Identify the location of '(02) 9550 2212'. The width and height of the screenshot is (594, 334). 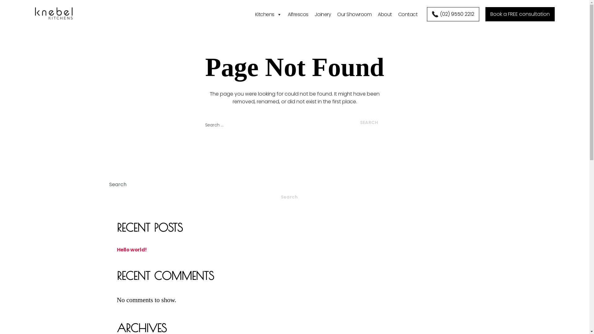
(453, 14).